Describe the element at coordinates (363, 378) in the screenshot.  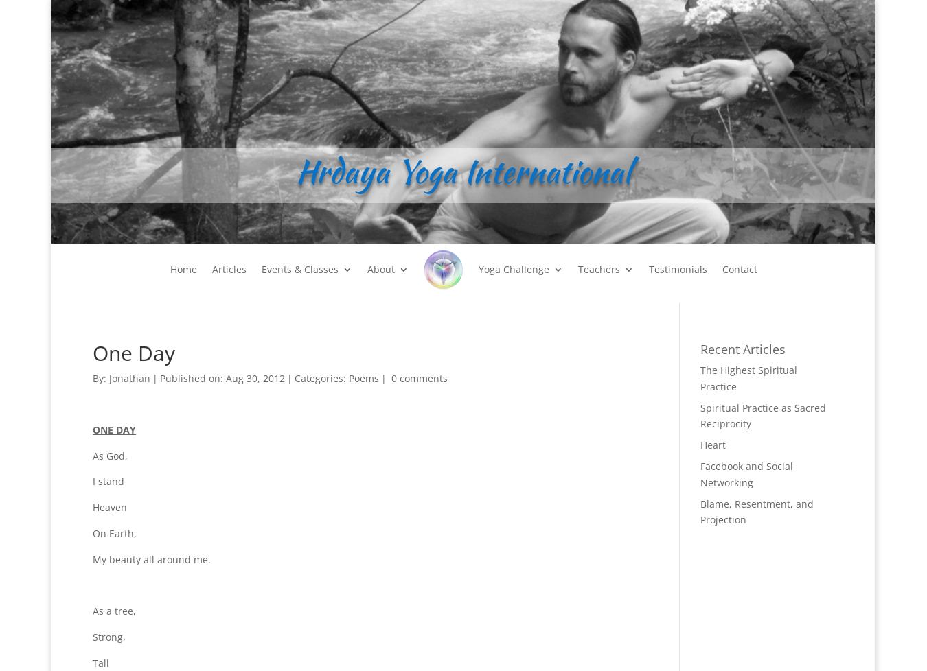
I see `'Poems'` at that location.